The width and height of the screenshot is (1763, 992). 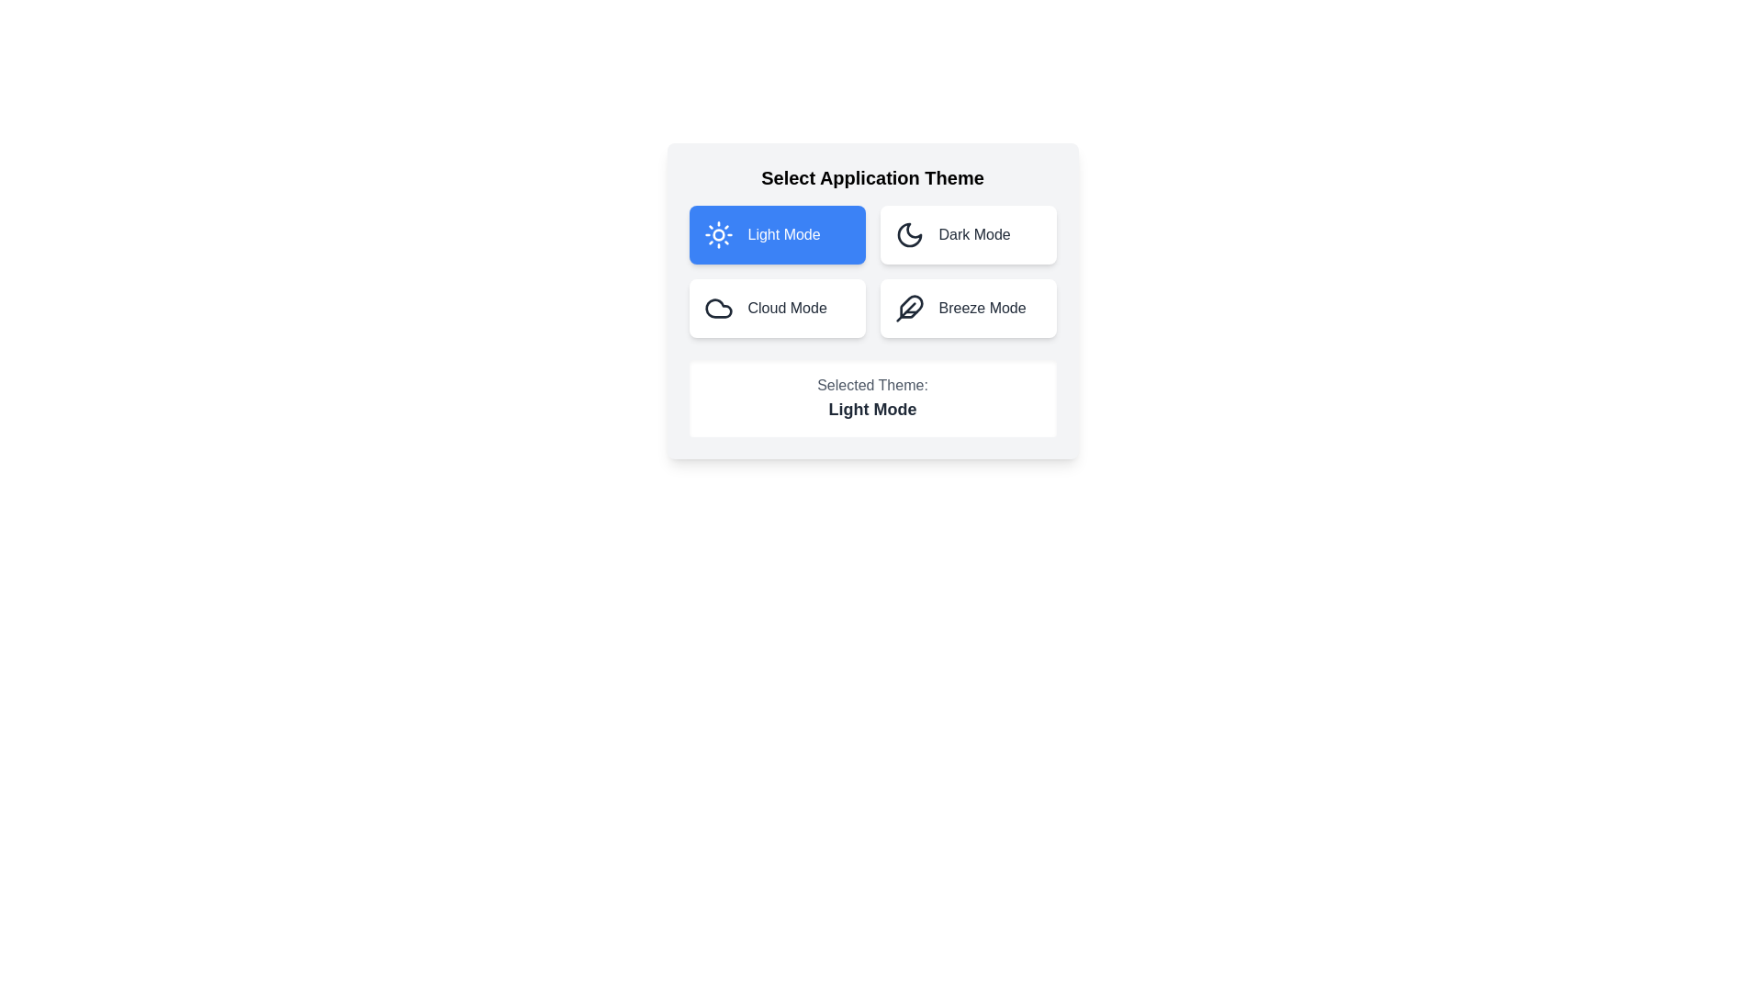 What do you see at coordinates (777, 307) in the screenshot?
I see `the button labeled Cloud Mode` at bounding box center [777, 307].